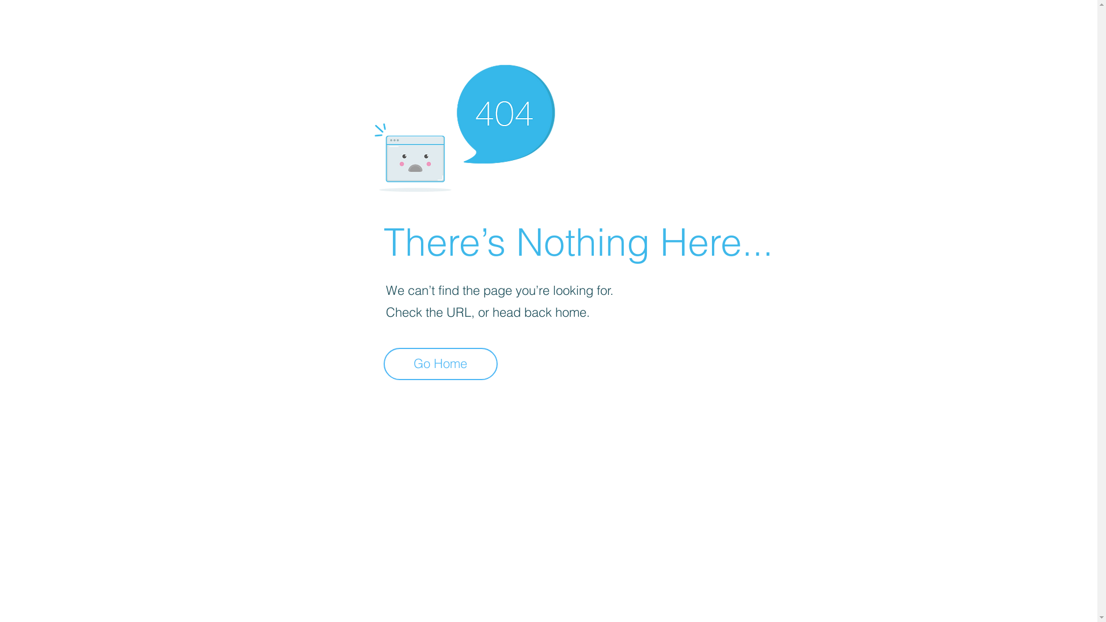 Image resolution: width=1106 pixels, height=622 pixels. What do you see at coordinates (464, 125) in the screenshot?
I see `'404-icon_2.png'` at bounding box center [464, 125].